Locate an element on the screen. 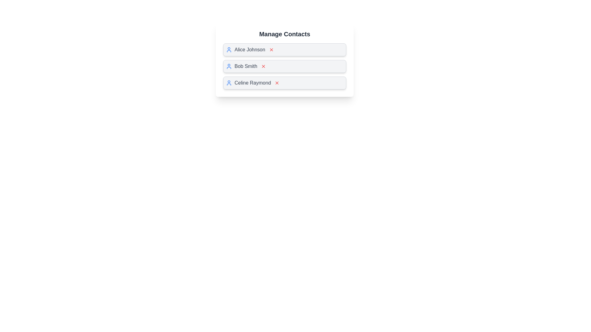  the user icon associated with the contact 'Alice Johnson' is located at coordinates (229, 49).